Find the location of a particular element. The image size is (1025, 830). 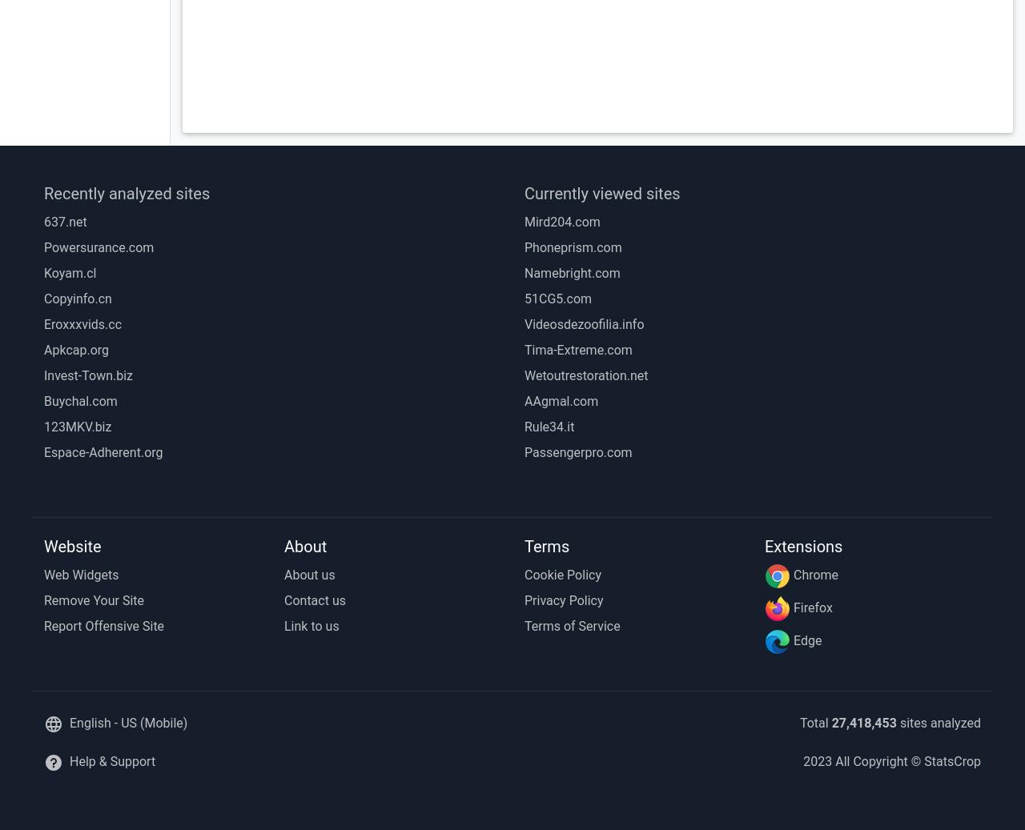

'637.net' is located at coordinates (64, 221).